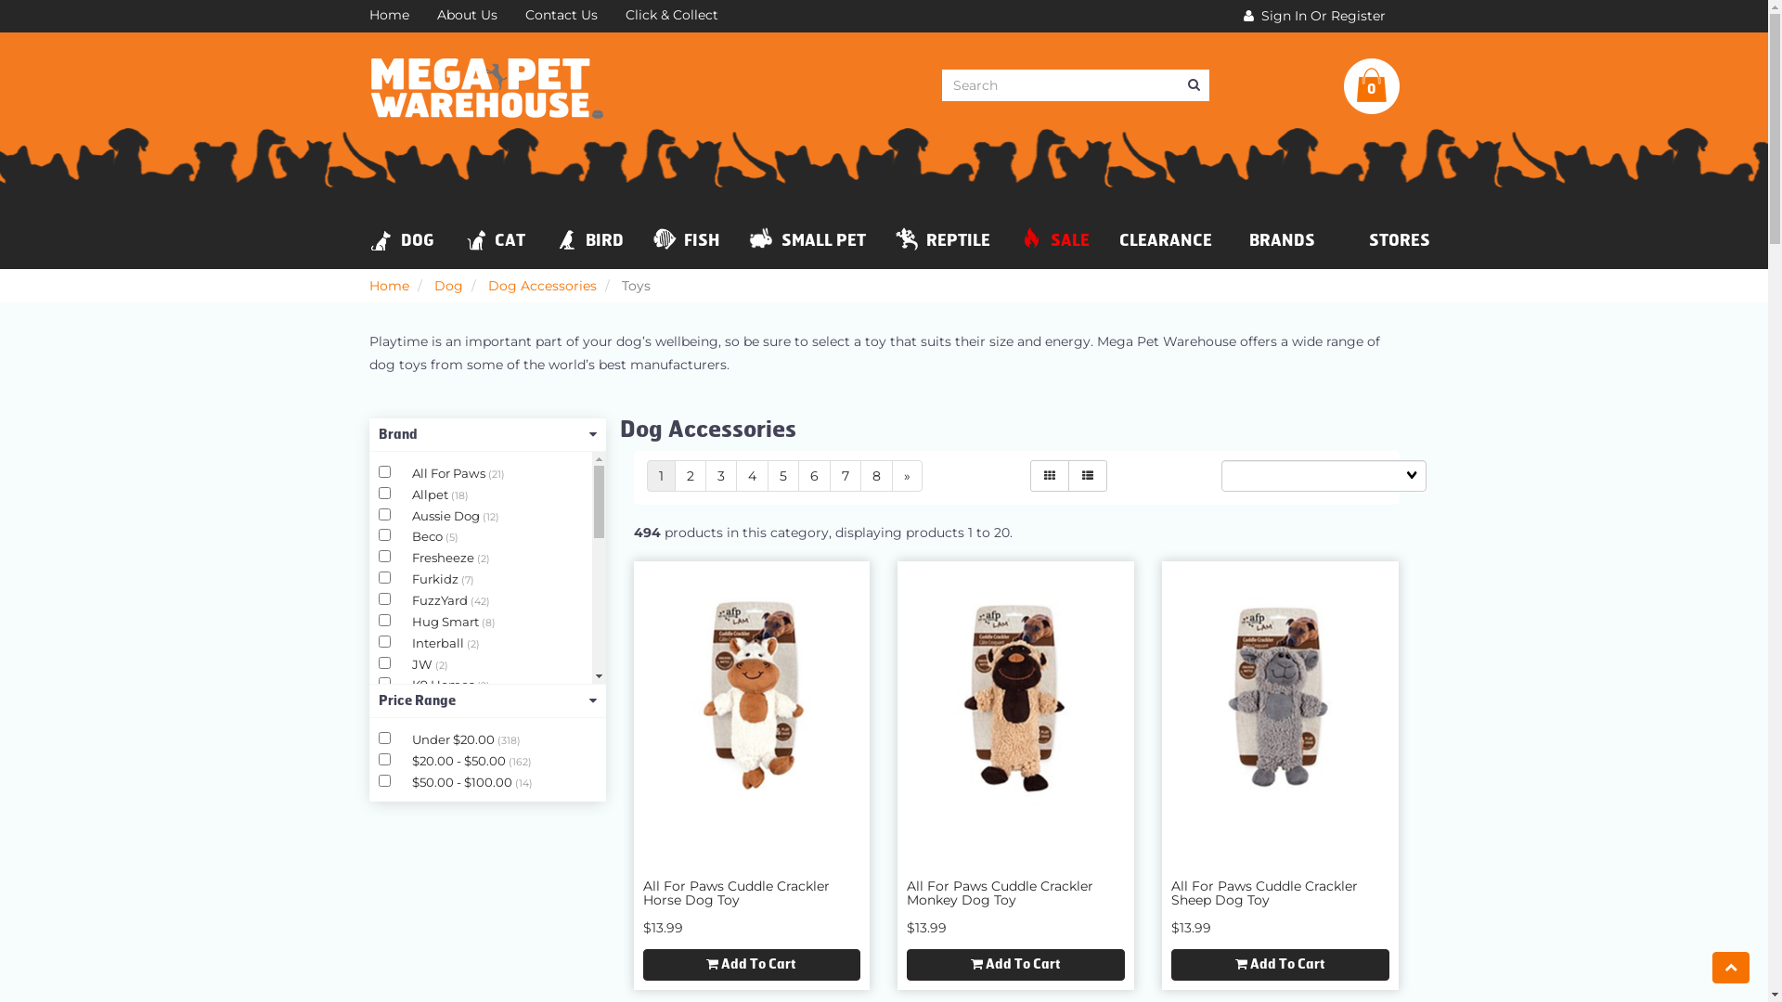  What do you see at coordinates (845, 475) in the screenshot?
I see `'7'` at bounding box center [845, 475].